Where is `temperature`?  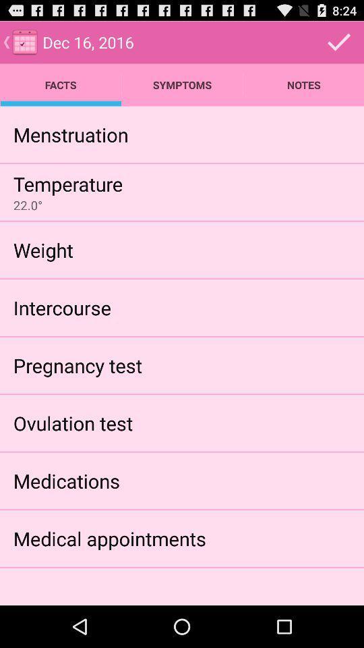
temperature is located at coordinates (67, 183).